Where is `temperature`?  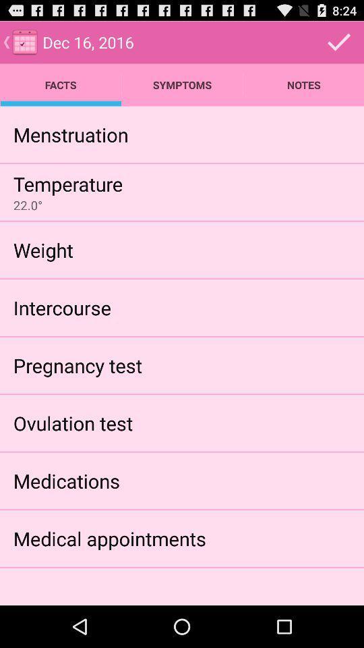
temperature is located at coordinates (67, 183).